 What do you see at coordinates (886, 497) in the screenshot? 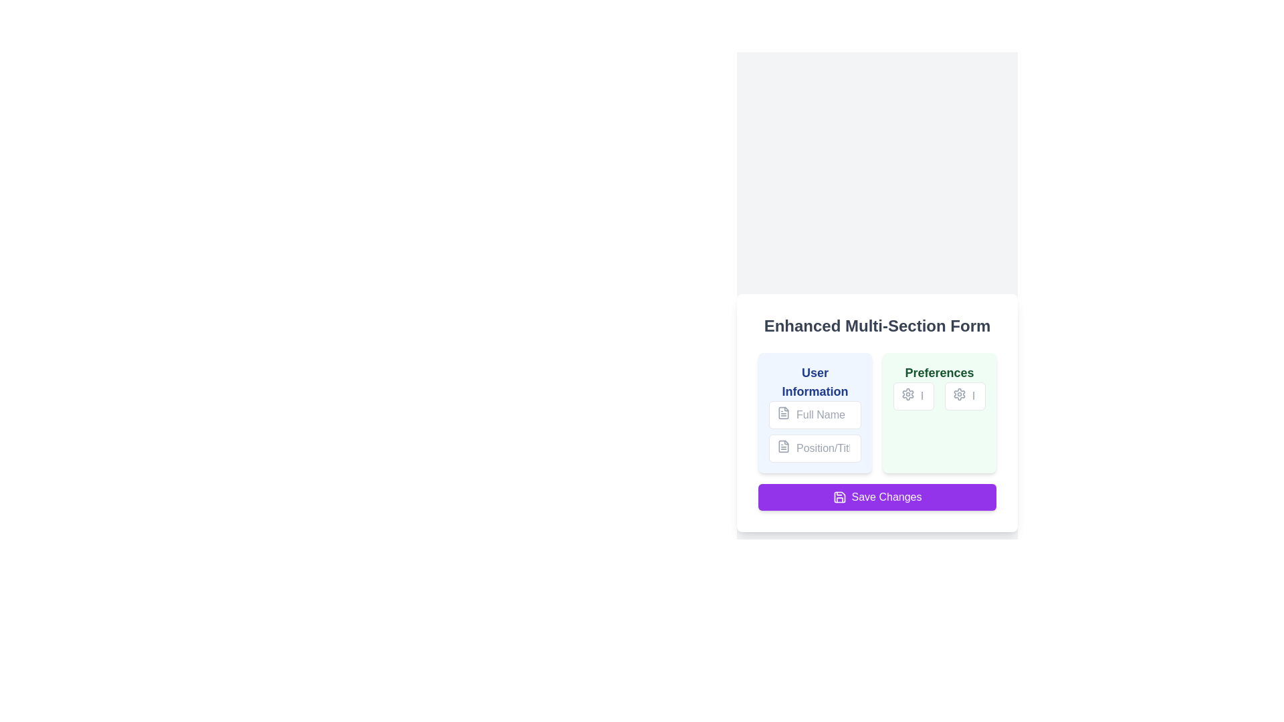
I see `the 'Save Changes' text within the purple button at the bottom of the form` at bounding box center [886, 497].